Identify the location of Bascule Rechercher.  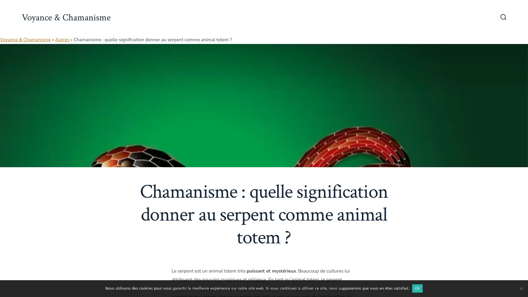
(503, 17).